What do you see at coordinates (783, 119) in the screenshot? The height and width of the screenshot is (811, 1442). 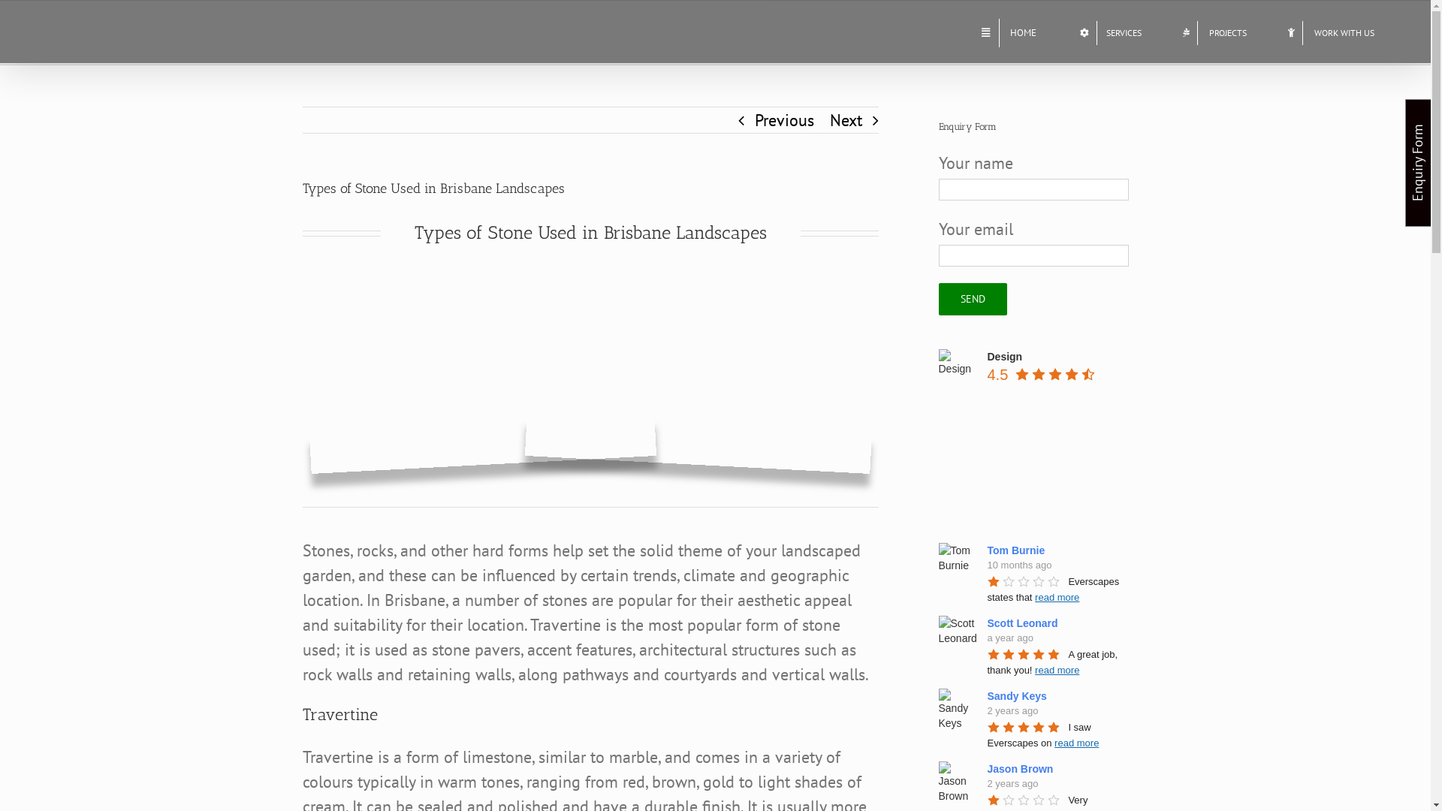 I see `'Previous'` at bounding box center [783, 119].